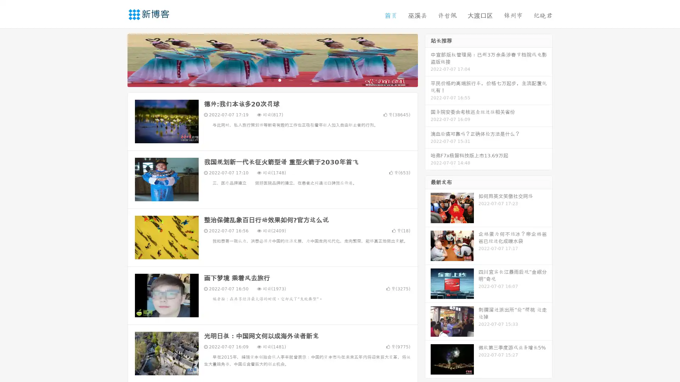  What do you see at coordinates (428, 59) in the screenshot?
I see `Next slide` at bounding box center [428, 59].